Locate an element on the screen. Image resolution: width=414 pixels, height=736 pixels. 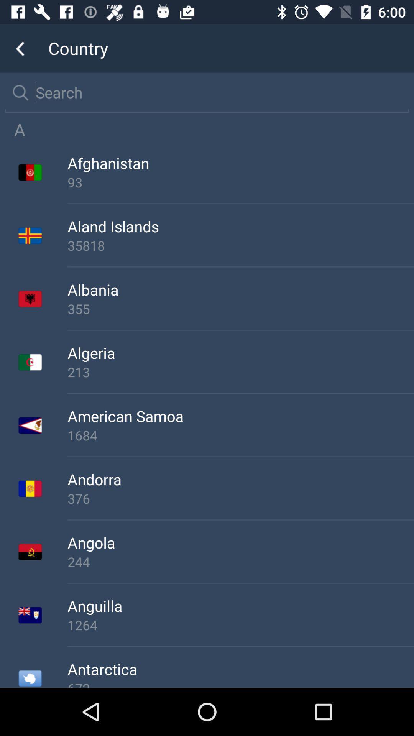
244 icon is located at coordinates (240, 562).